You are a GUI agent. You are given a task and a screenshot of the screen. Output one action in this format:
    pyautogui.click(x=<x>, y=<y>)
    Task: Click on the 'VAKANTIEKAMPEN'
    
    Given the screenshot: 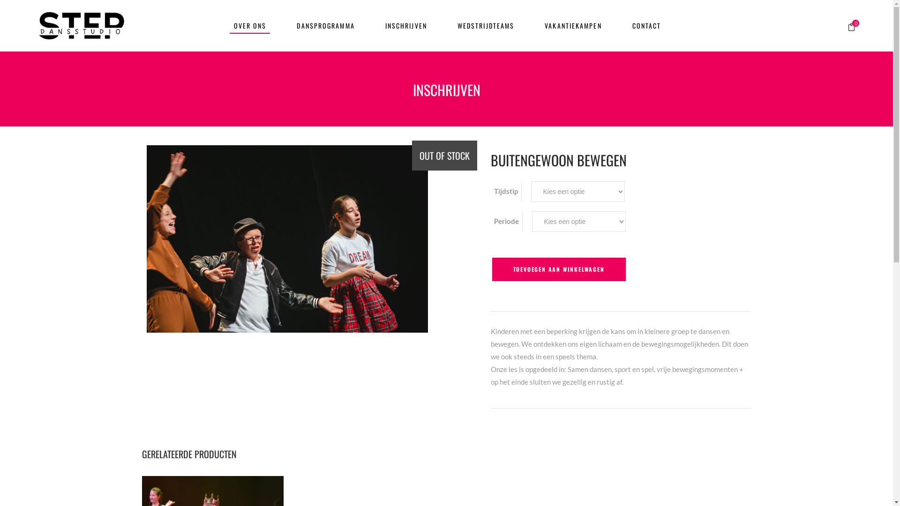 What is the action you would take?
    pyautogui.click(x=572, y=25)
    